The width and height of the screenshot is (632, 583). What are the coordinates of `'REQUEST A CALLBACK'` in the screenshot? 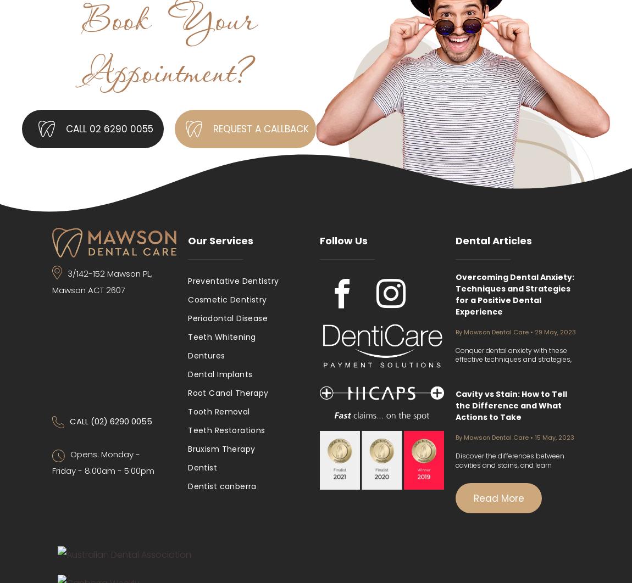 It's located at (260, 128).